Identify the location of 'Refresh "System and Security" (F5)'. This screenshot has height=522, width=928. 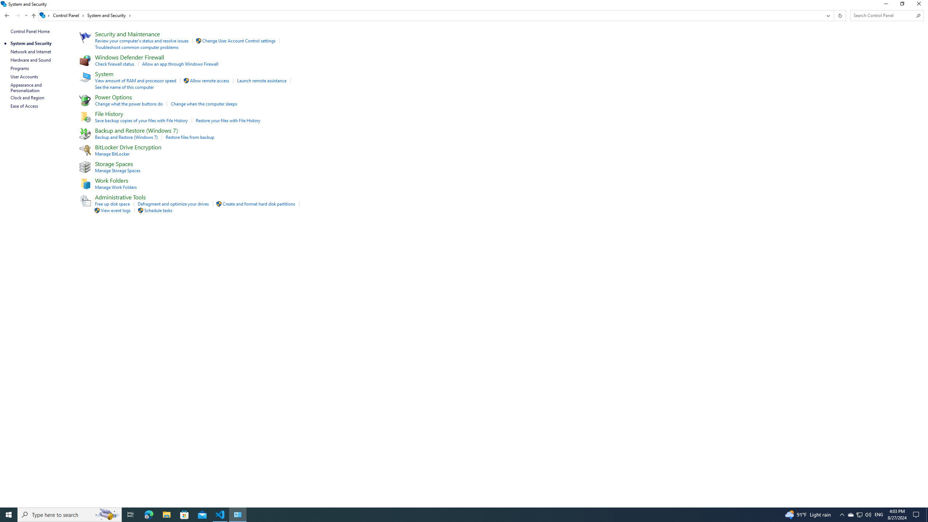
(839, 15).